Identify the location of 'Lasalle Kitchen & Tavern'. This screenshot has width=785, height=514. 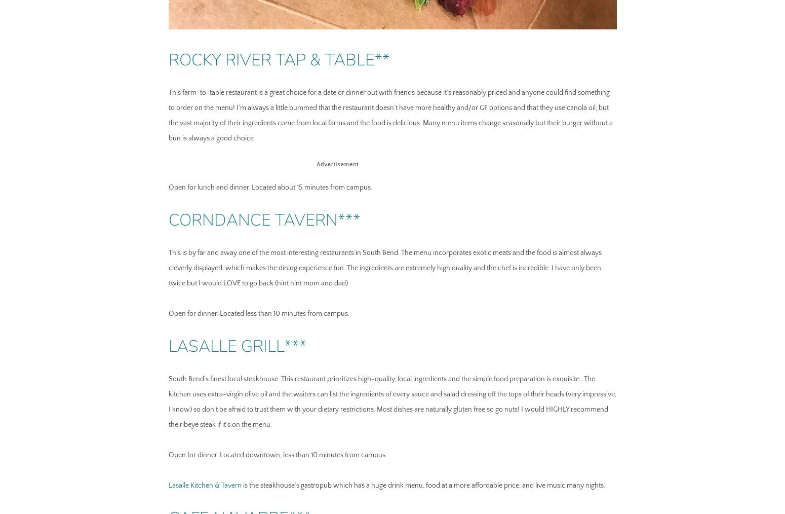
(204, 485).